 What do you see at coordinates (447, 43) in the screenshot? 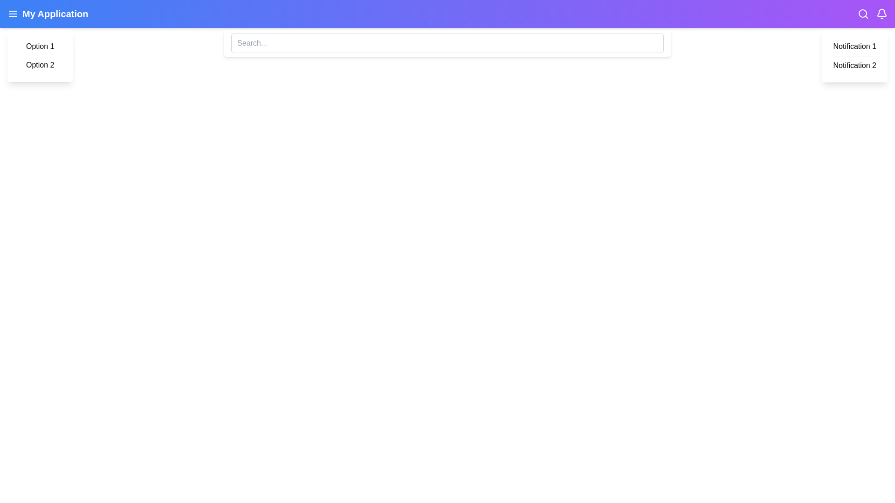
I see `the search input field located at the top center of the page` at bounding box center [447, 43].